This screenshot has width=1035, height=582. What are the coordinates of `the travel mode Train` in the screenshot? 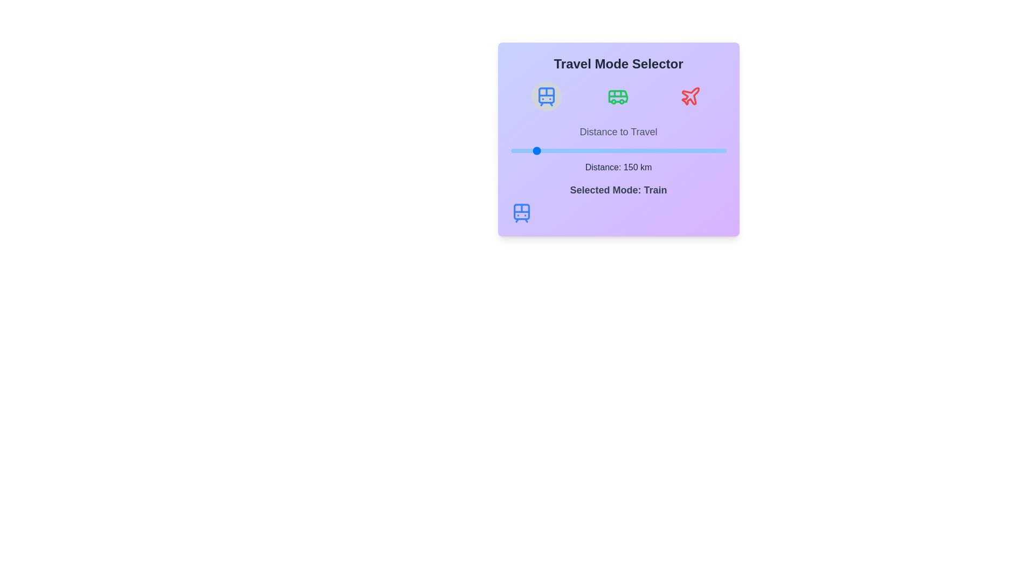 It's located at (546, 95).